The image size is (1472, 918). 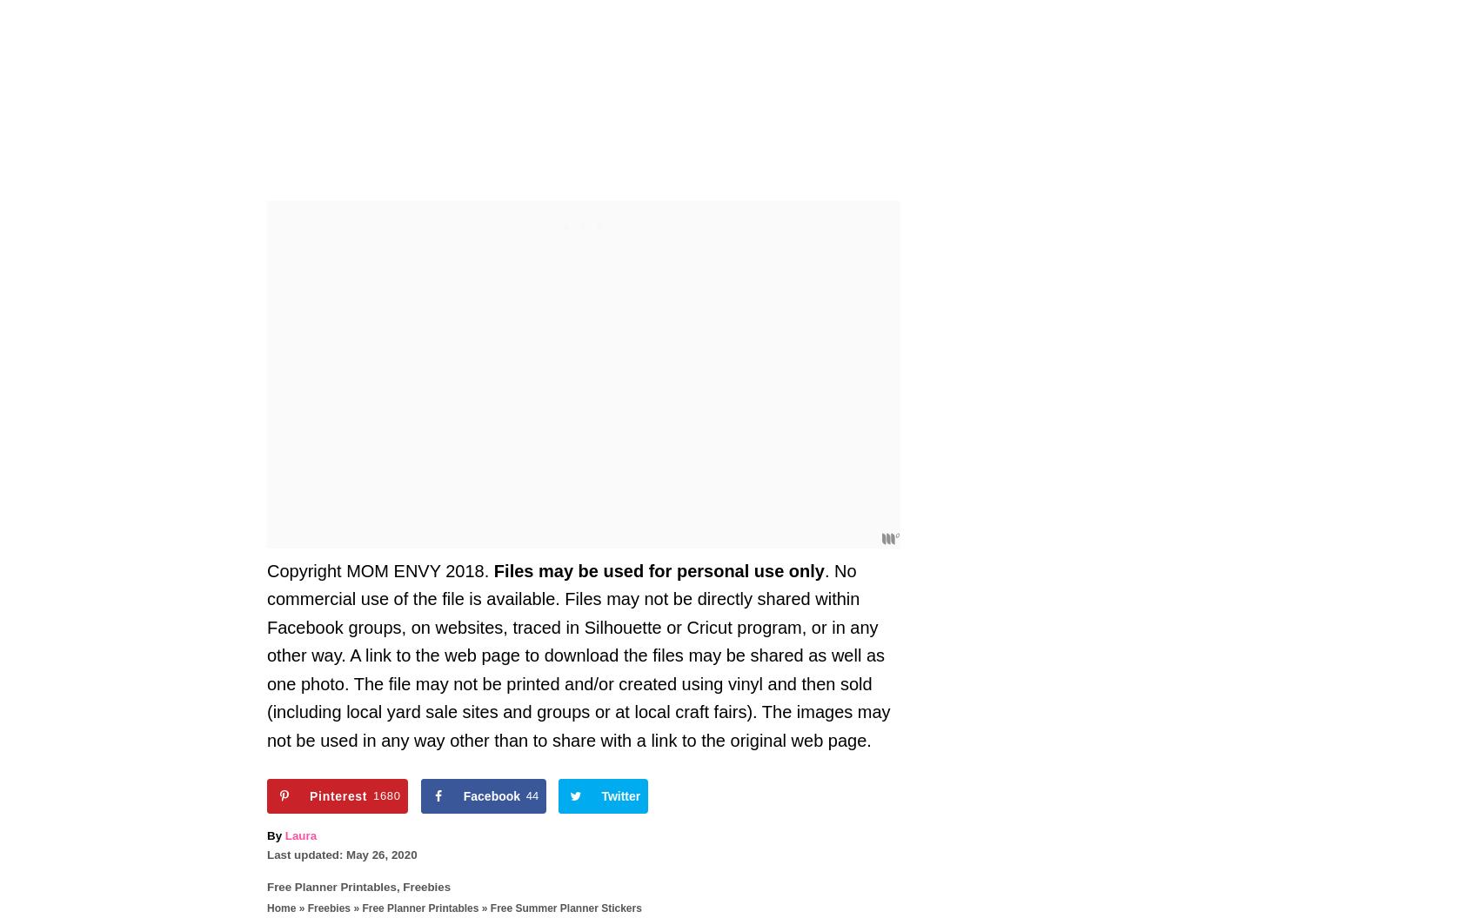 I want to click on '. No commercial use of the file is available. Files may not be directly shared within Facebook groups, on websites, traced in Silhouette or Cricut program, or in any other way. A link to the web page to download the files may be shared as well as one photo. The file may not be printed and/or created using vinyl and then sold (including local yard sale sites and groups or at local craft fairs). The images may not be used in any way other than to share with a link to the original web page.', so click(x=578, y=654).